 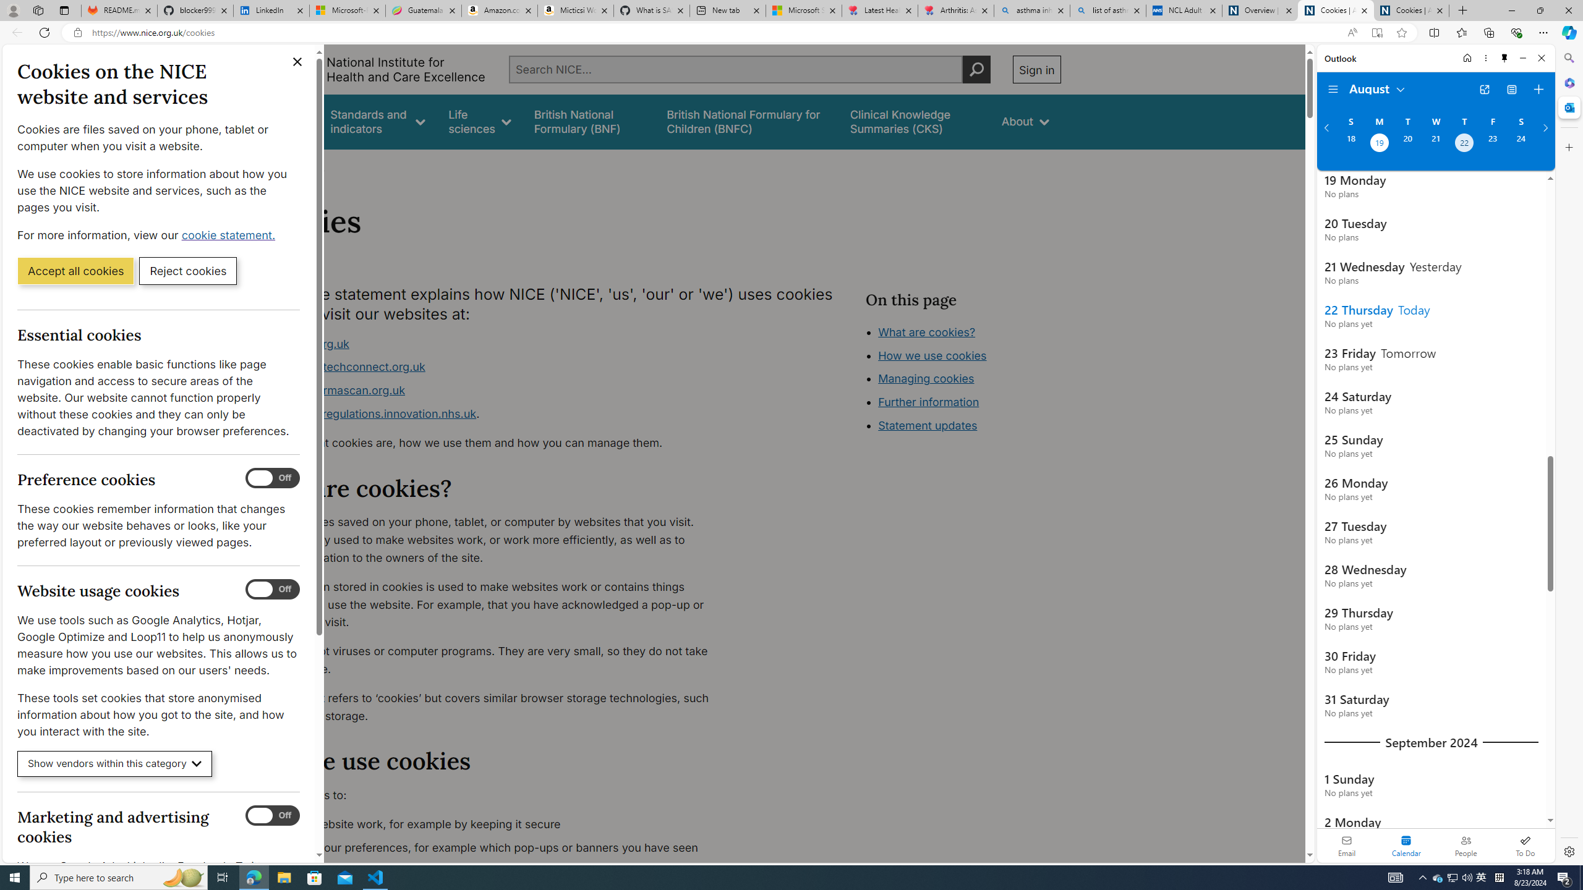 What do you see at coordinates (1378, 144) in the screenshot?
I see `'Monday, August 19, 2024. Date selected. '` at bounding box center [1378, 144].